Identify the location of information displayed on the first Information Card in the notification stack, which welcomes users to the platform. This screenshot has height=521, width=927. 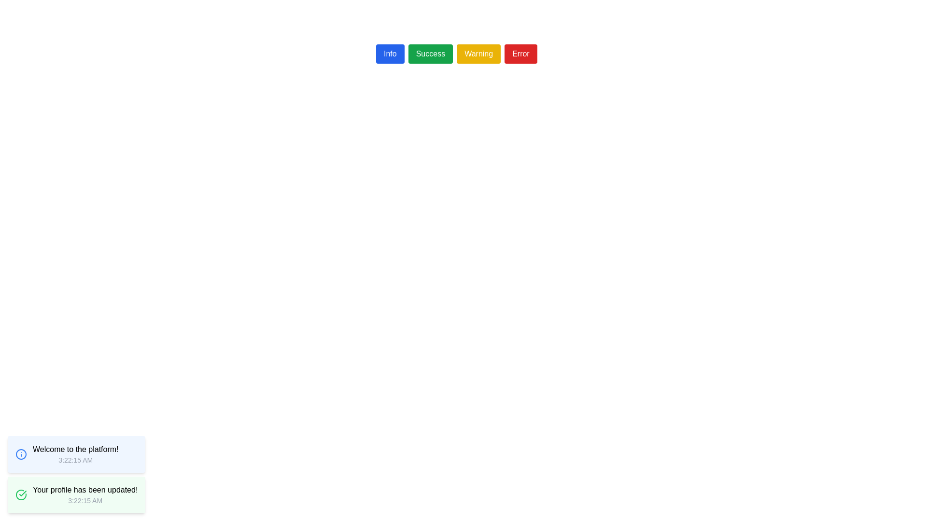
(76, 454).